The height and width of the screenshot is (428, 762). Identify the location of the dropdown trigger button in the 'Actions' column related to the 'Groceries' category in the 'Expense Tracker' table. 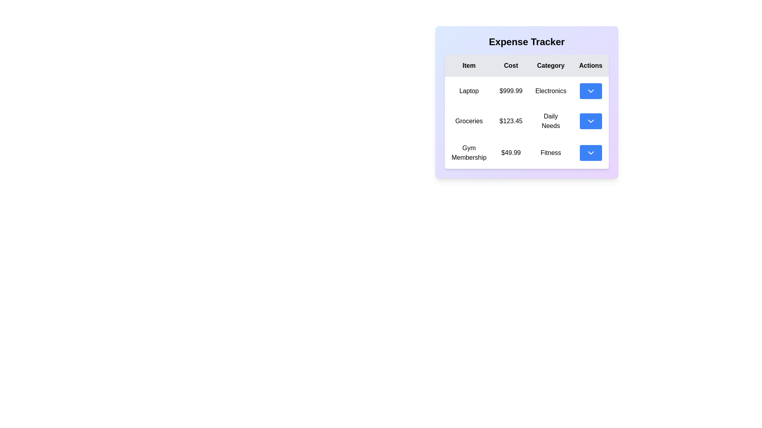
(591, 121).